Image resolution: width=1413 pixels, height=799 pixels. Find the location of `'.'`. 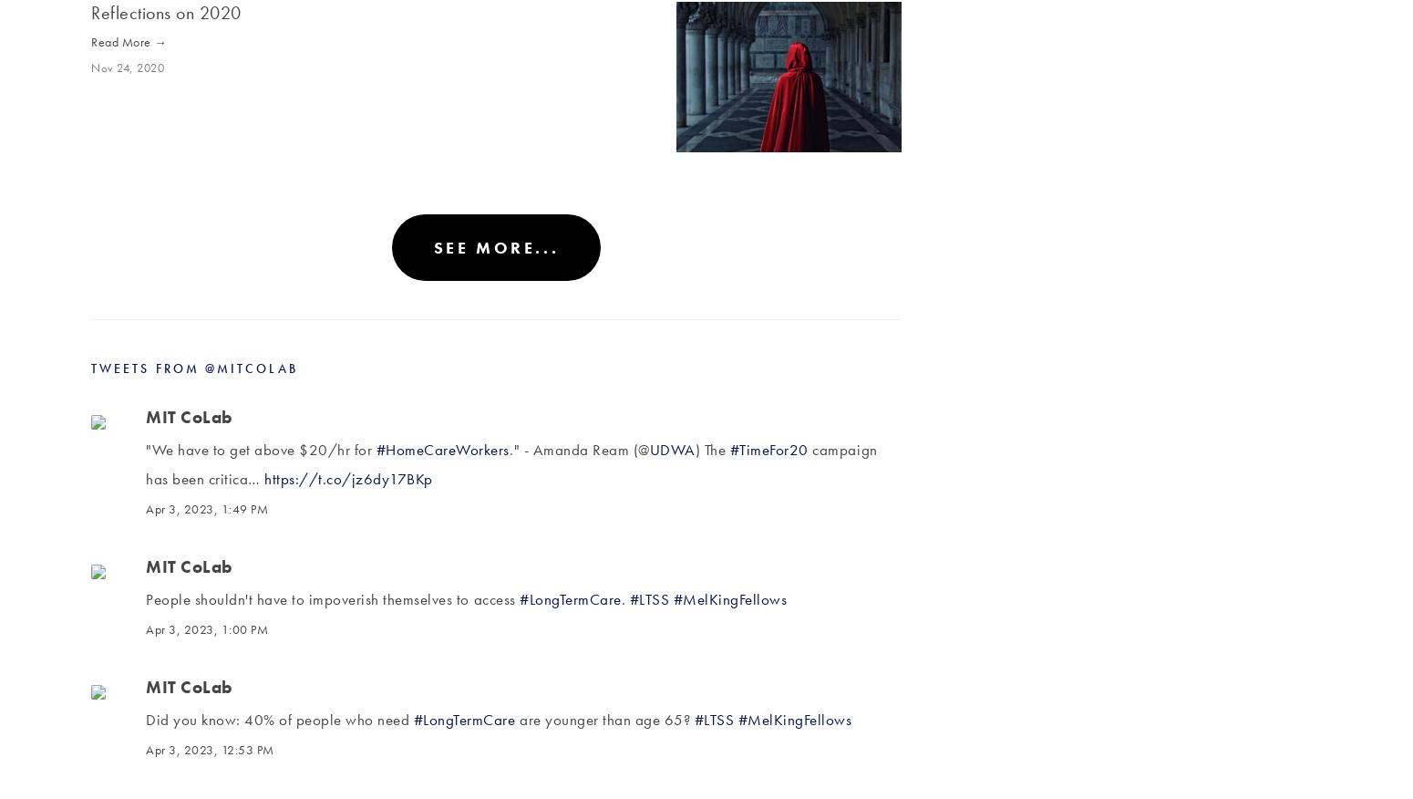

'.' is located at coordinates (624, 598).